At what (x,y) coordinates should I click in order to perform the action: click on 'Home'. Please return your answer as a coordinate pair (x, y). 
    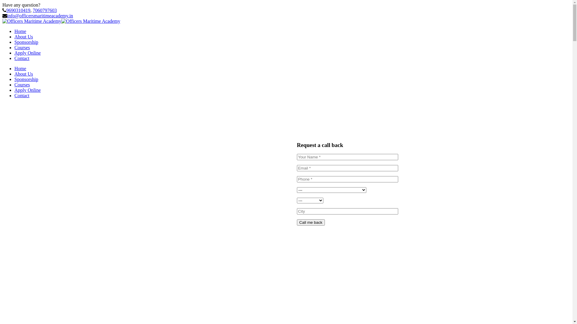
    Looking at the image, I should click on (20, 68).